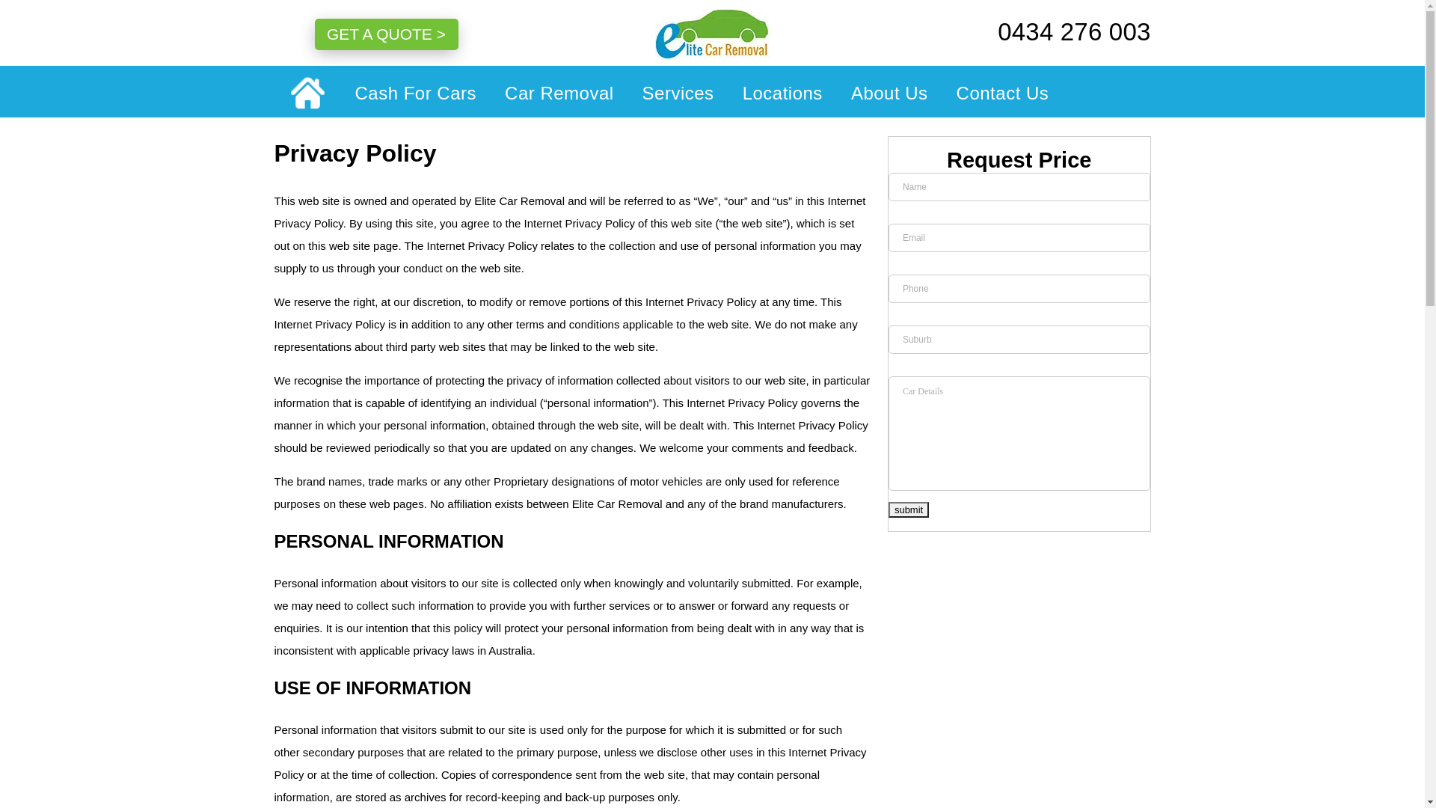 This screenshot has height=808, width=1436. What do you see at coordinates (559, 91) in the screenshot?
I see `'Car Removal'` at bounding box center [559, 91].